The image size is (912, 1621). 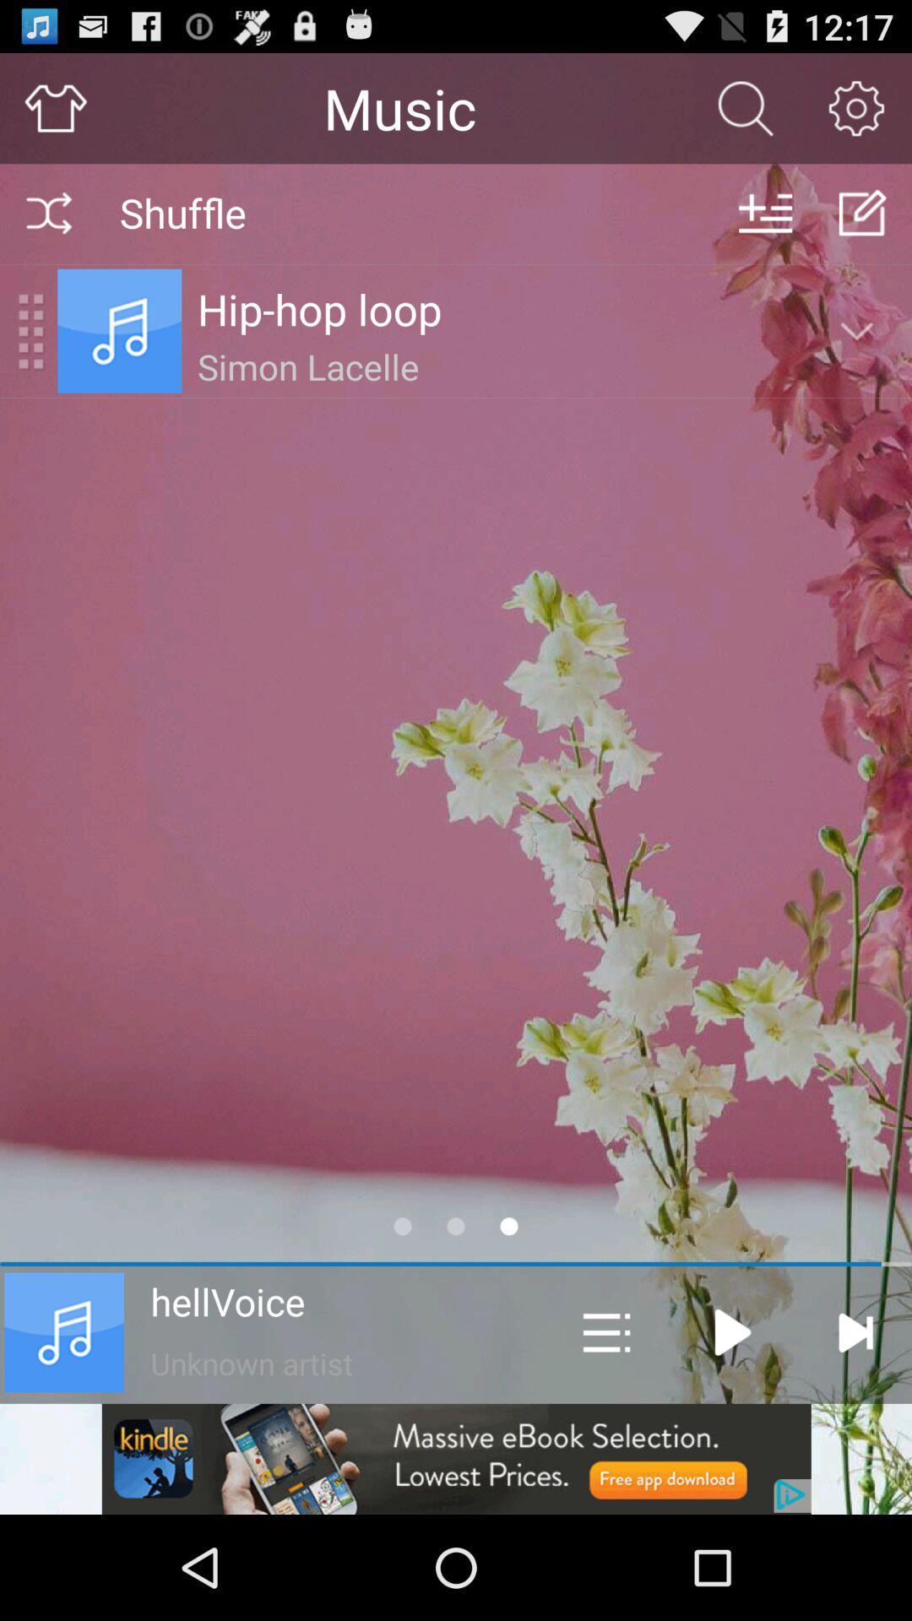 I want to click on the search icon, so click(x=745, y=115).